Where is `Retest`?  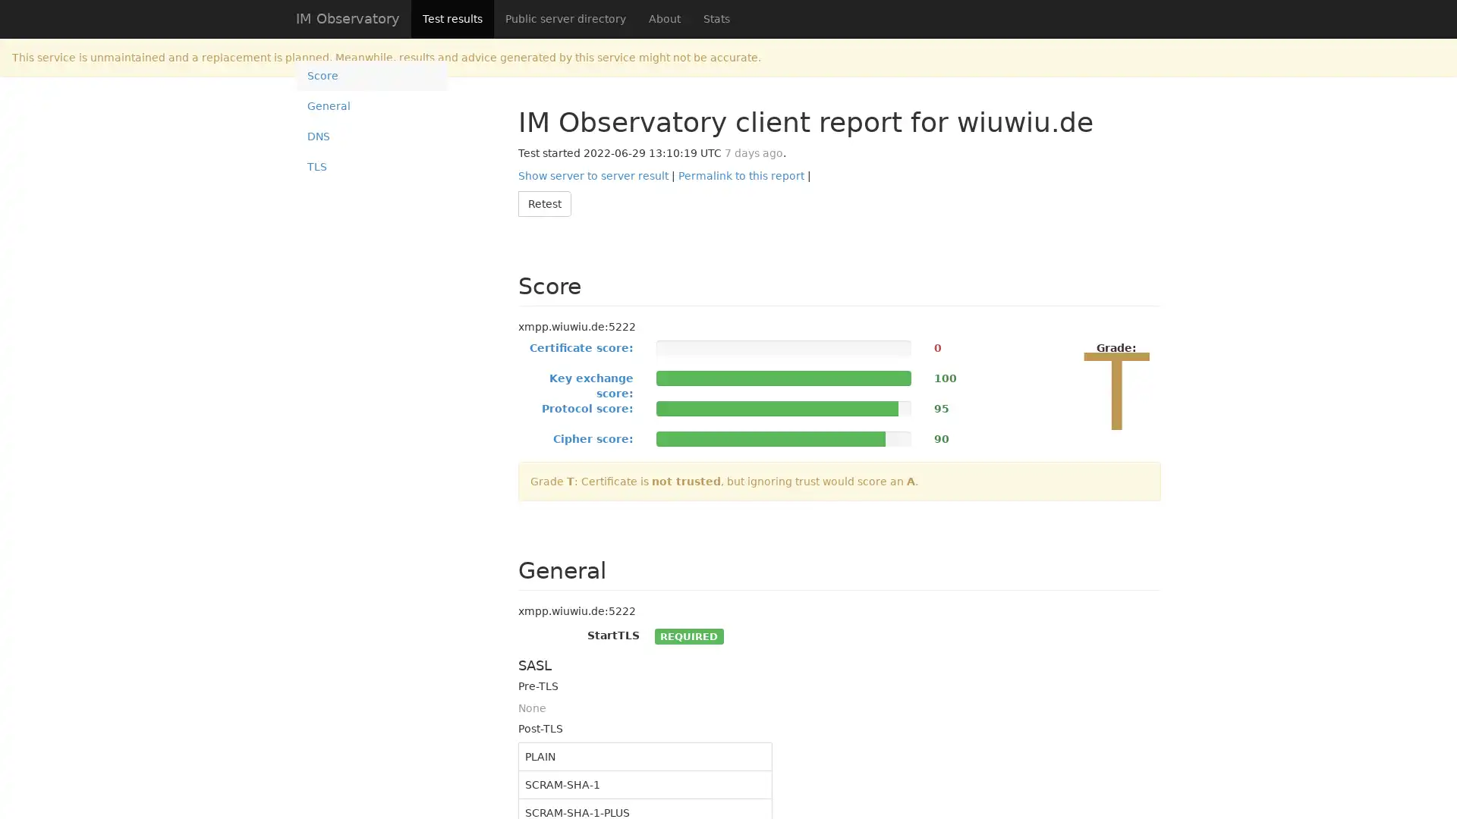
Retest is located at coordinates (543, 202).